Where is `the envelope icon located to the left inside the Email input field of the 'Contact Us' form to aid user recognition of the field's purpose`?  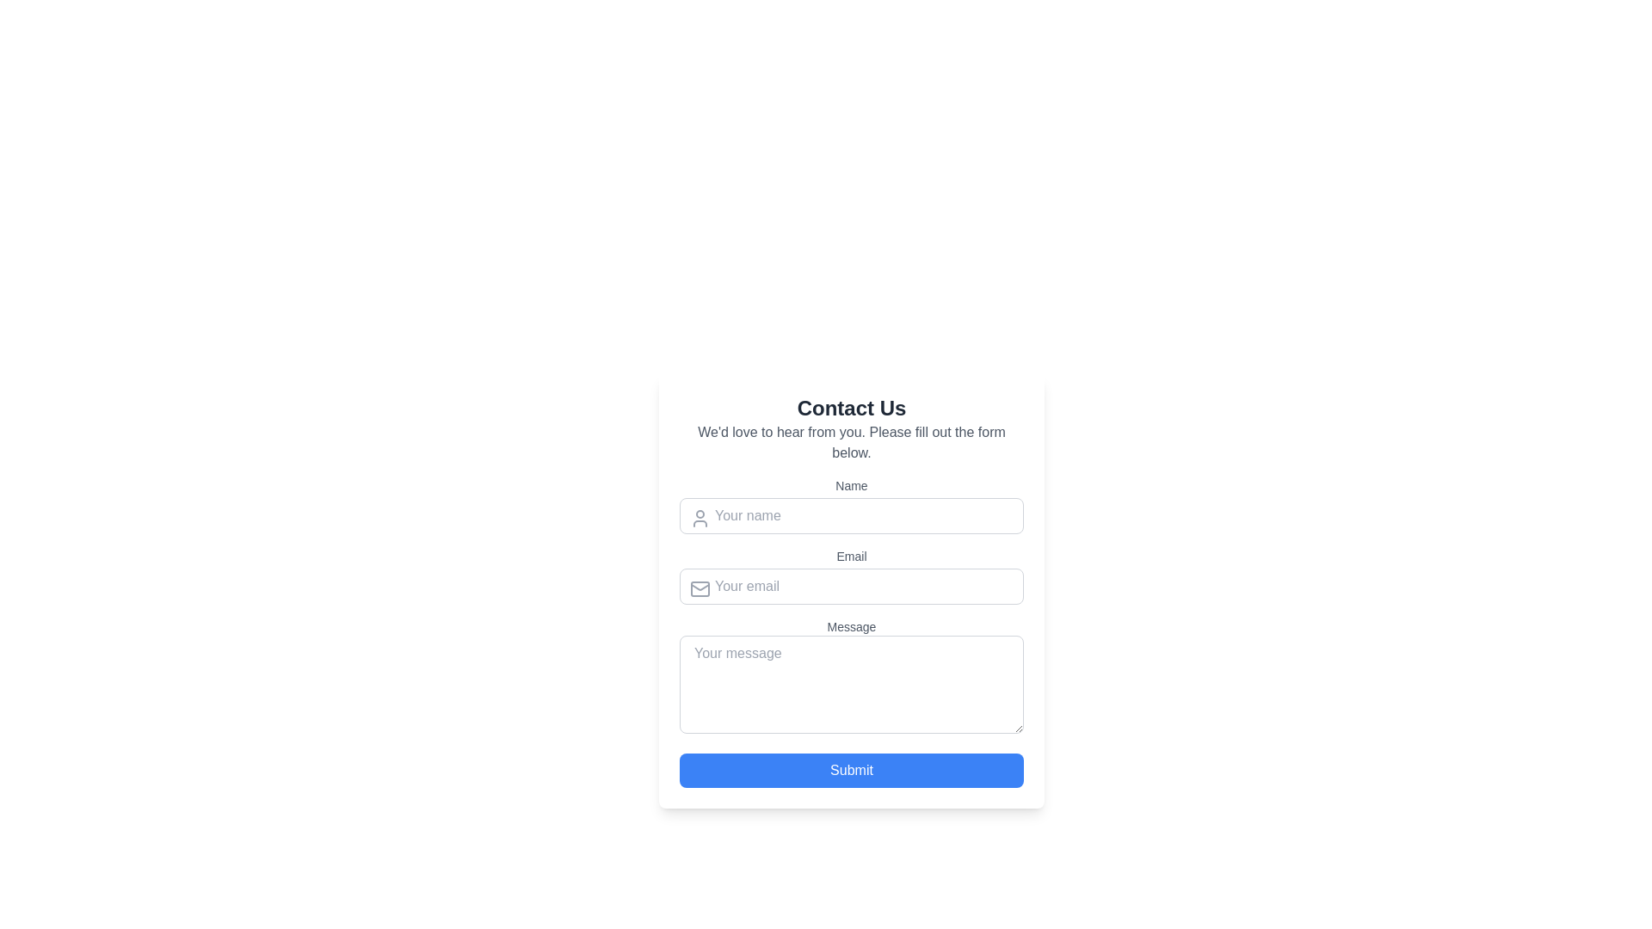
the envelope icon located to the left inside the Email input field of the 'Contact Us' form to aid user recognition of the field's purpose is located at coordinates (700, 588).